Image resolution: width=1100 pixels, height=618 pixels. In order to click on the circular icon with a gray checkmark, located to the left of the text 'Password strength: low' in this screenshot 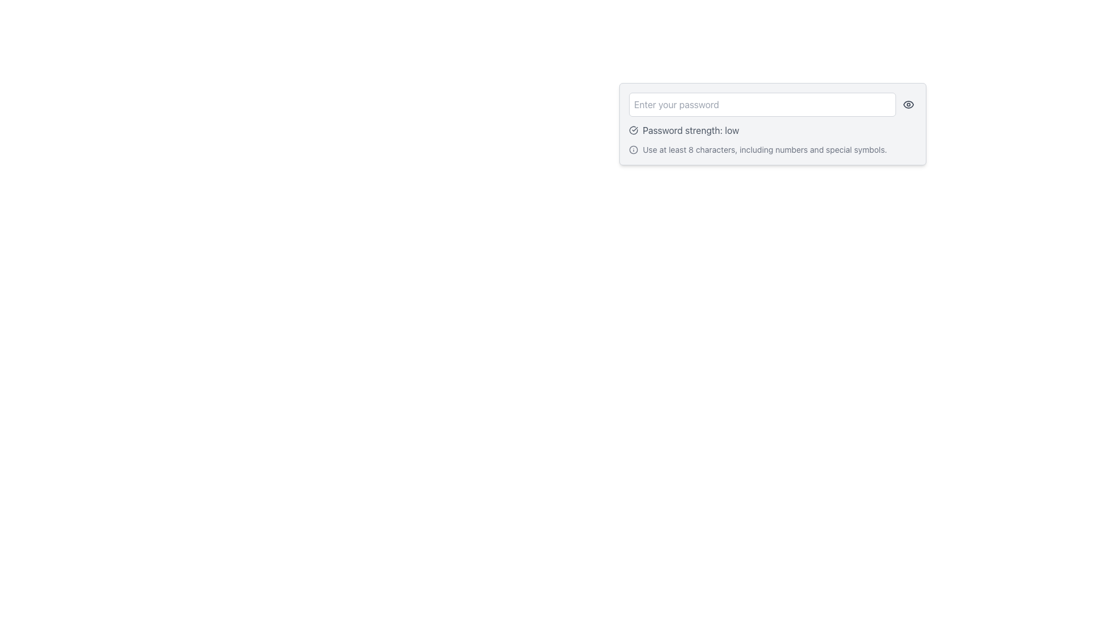, I will do `click(632, 129)`.